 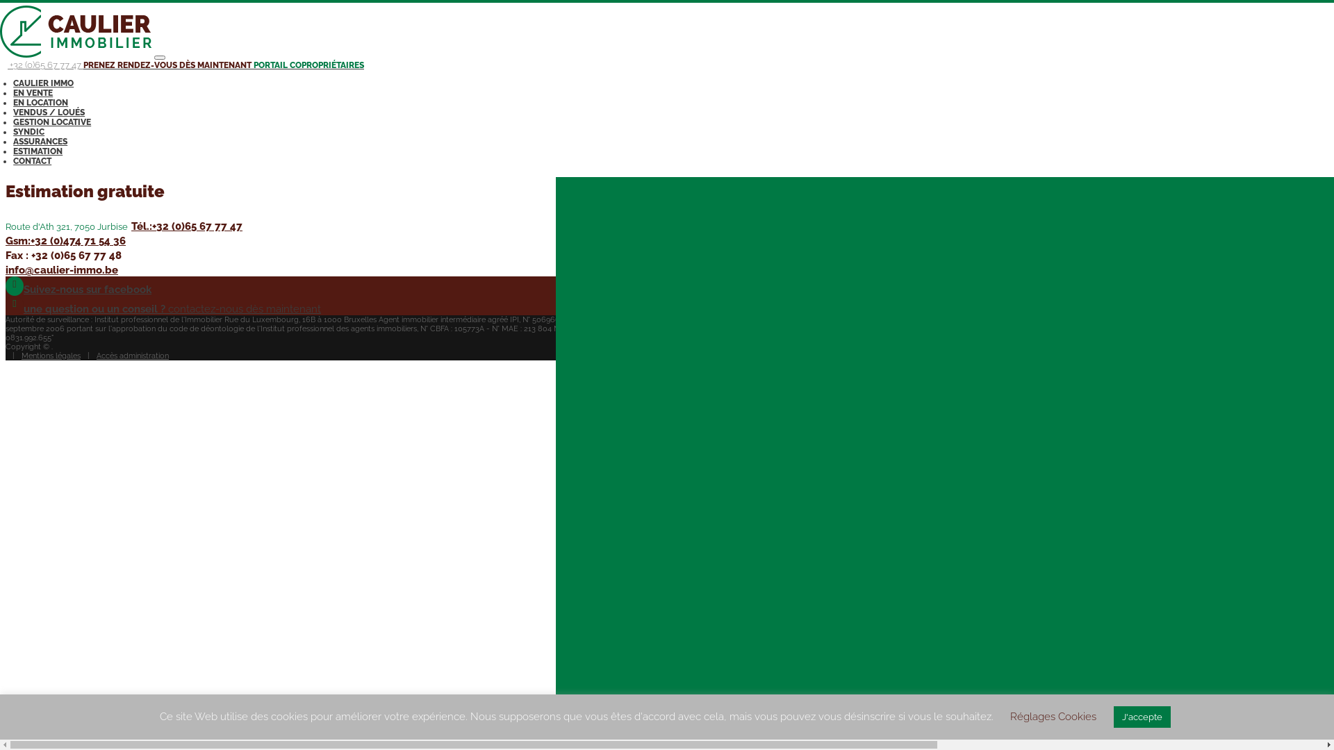 What do you see at coordinates (32, 160) in the screenshot?
I see `'CONTACT'` at bounding box center [32, 160].